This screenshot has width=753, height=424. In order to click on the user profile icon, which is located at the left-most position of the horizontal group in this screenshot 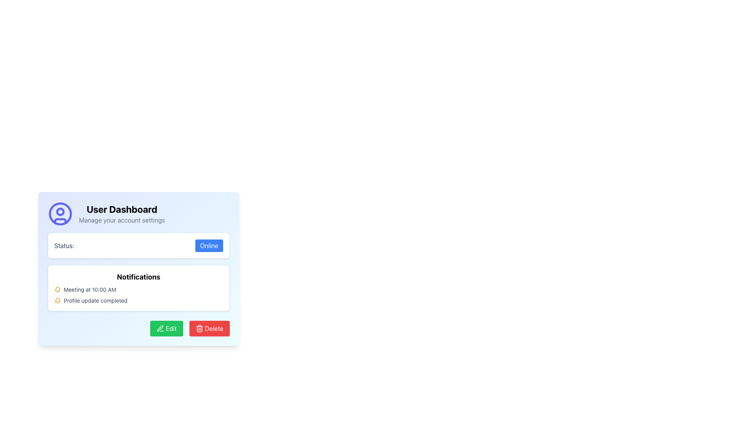, I will do `click(60, 214)`.